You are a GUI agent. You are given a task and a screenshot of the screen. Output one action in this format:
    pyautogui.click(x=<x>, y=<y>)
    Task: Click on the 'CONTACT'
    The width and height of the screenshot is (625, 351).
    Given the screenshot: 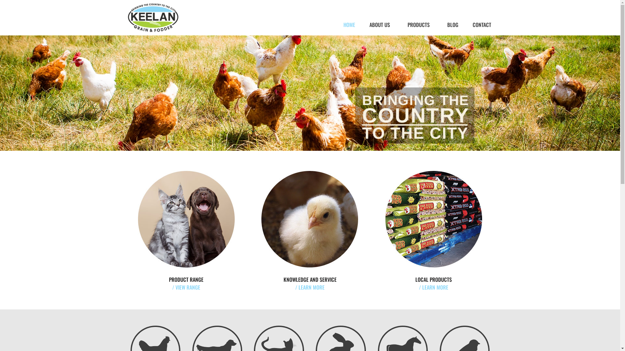 What is the action you would take?
    pyautogui.click(x=482, y=24)
    